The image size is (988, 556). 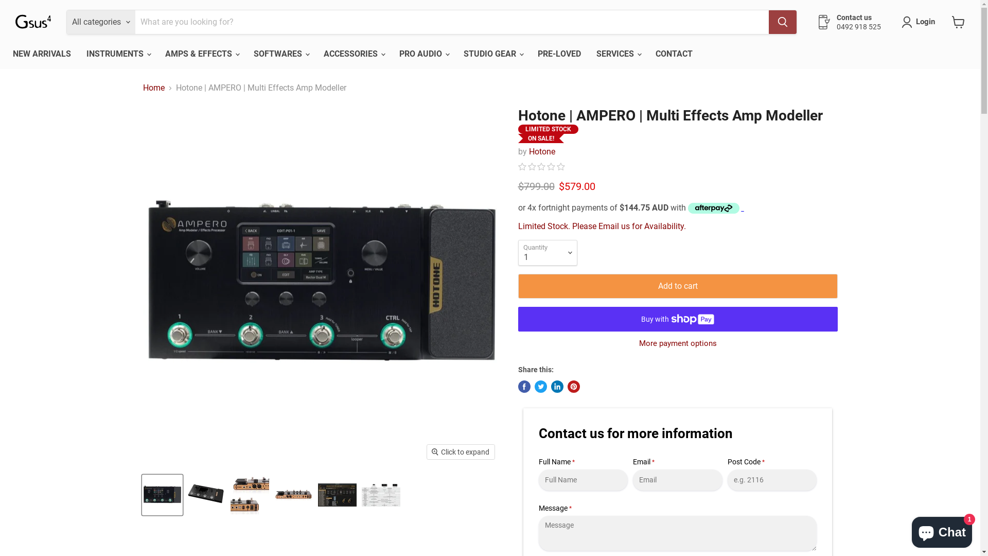 What do you see at coordinates (528, 151) in the screenshot?
I see `'Hotone'` at bounding box center [528, 151].